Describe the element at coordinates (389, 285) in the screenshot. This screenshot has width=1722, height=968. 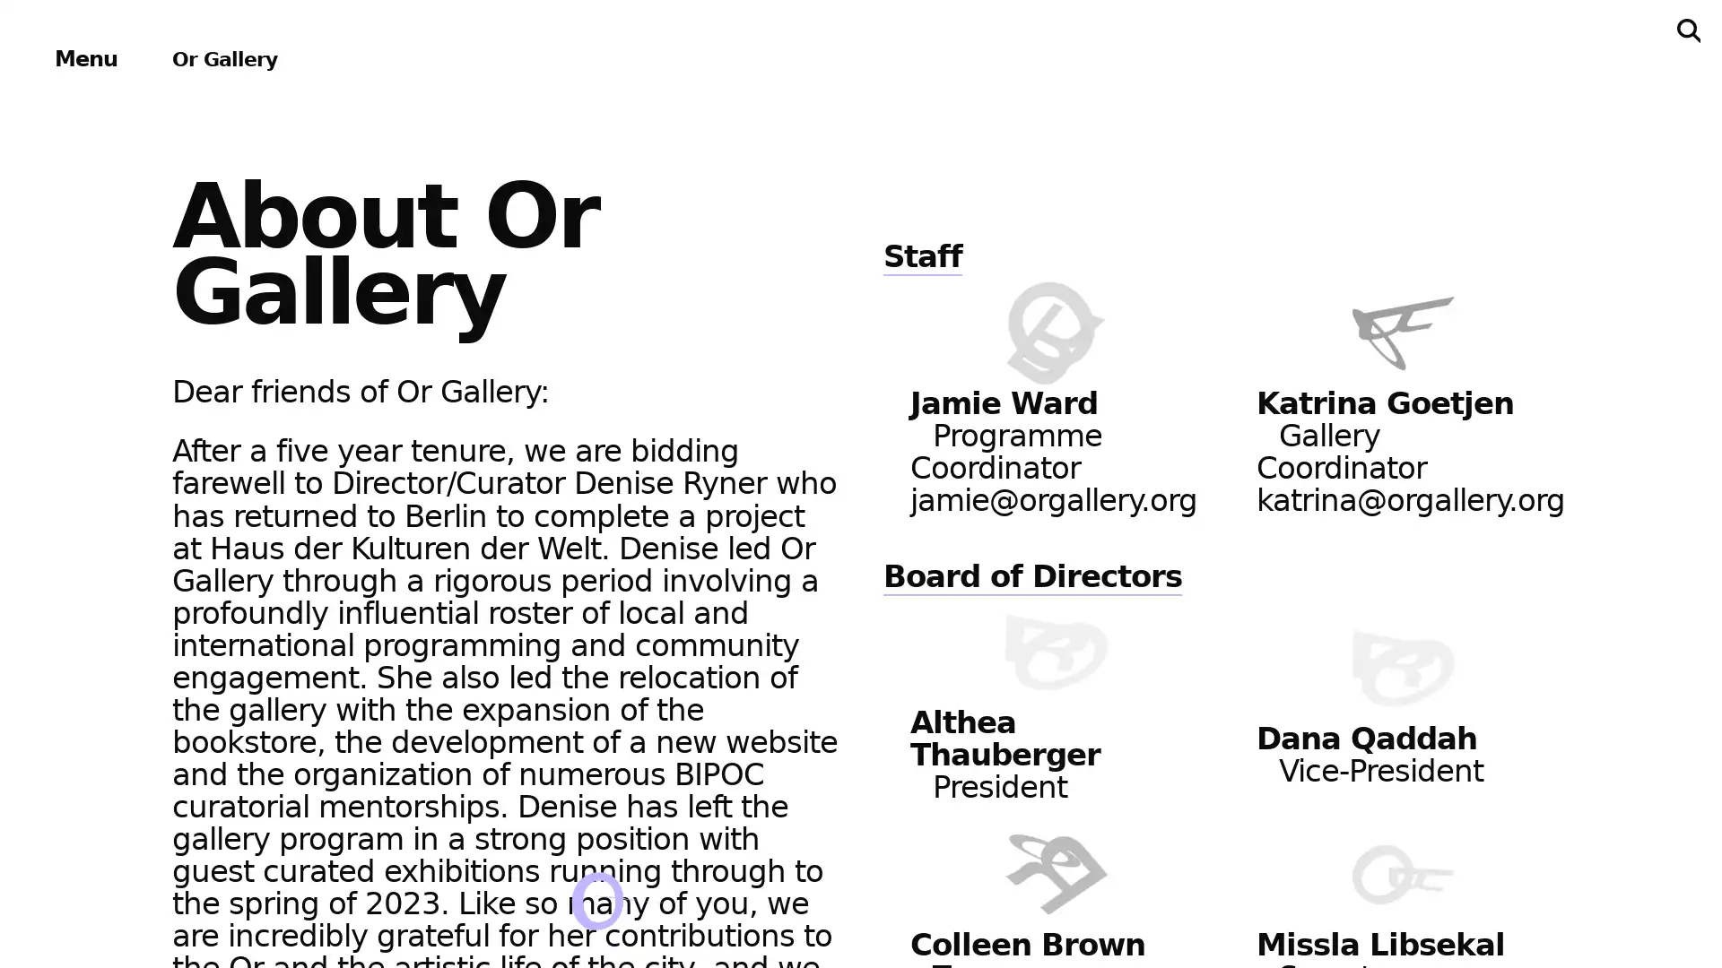
I see `Events` at that location.